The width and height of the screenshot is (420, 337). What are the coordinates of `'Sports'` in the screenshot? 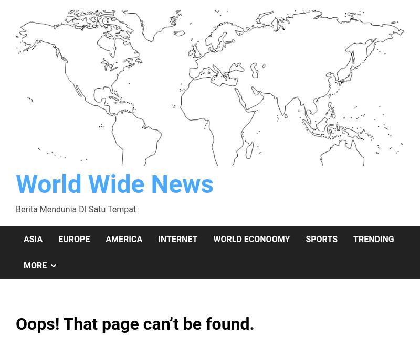 It's located at (321, 238).